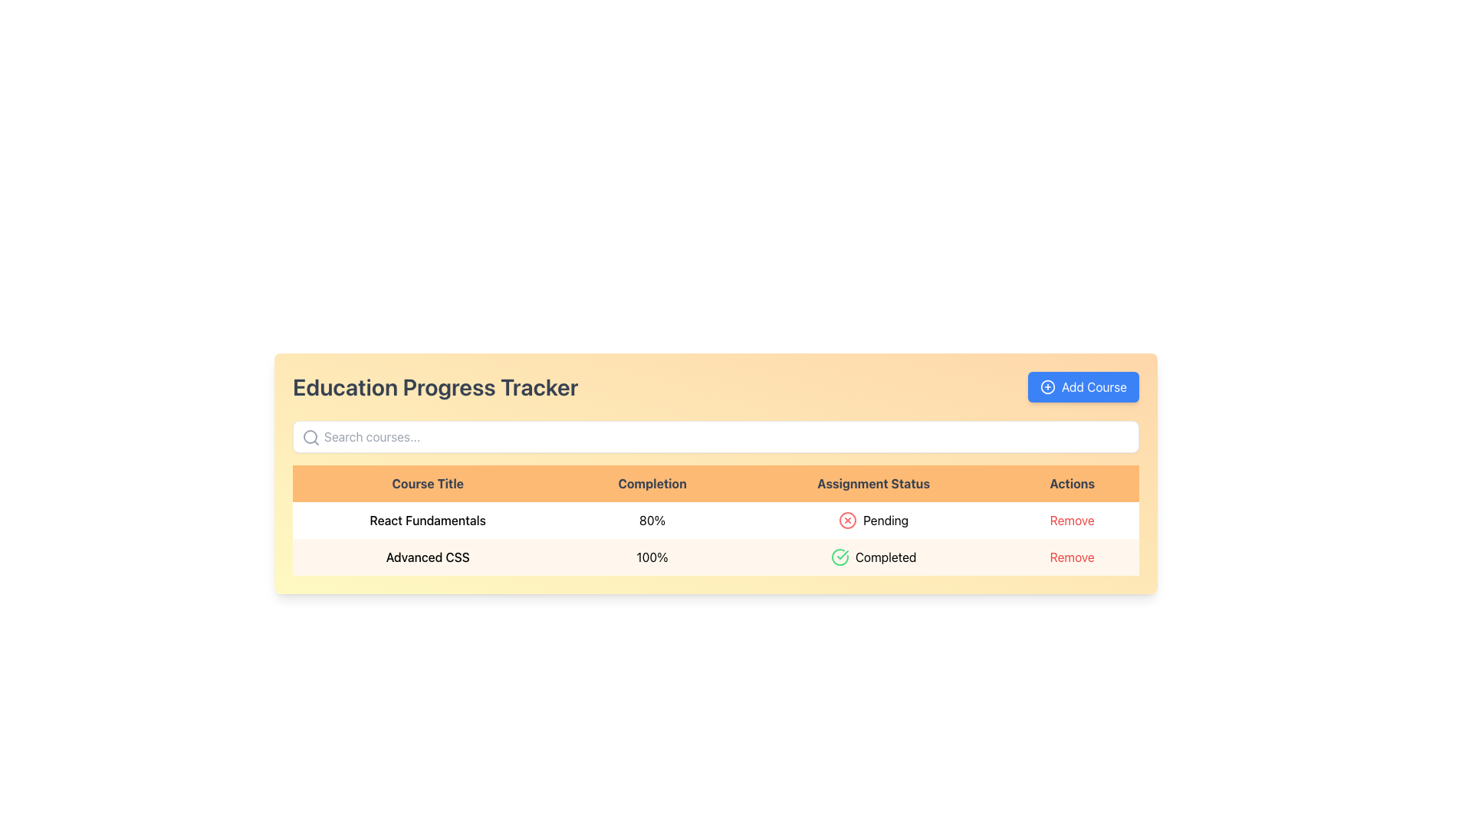 The width and height of the screenshot is (1472, 828). I want to click on the search icon located to the left of the placeholder text 'Search courses...' in the search bar above the table, so click(310, 437).